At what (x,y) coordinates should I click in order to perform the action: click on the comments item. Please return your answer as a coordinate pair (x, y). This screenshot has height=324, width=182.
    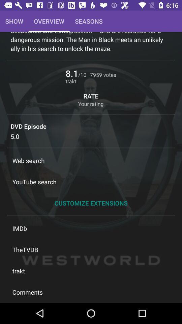
    Looking at the image, I should click on (91, 292).